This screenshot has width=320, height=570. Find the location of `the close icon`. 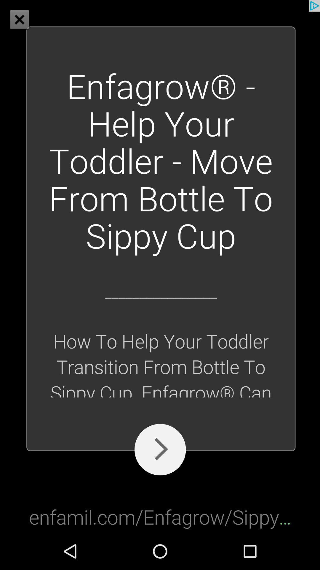

the close icon is located at coordinates (19, 21).